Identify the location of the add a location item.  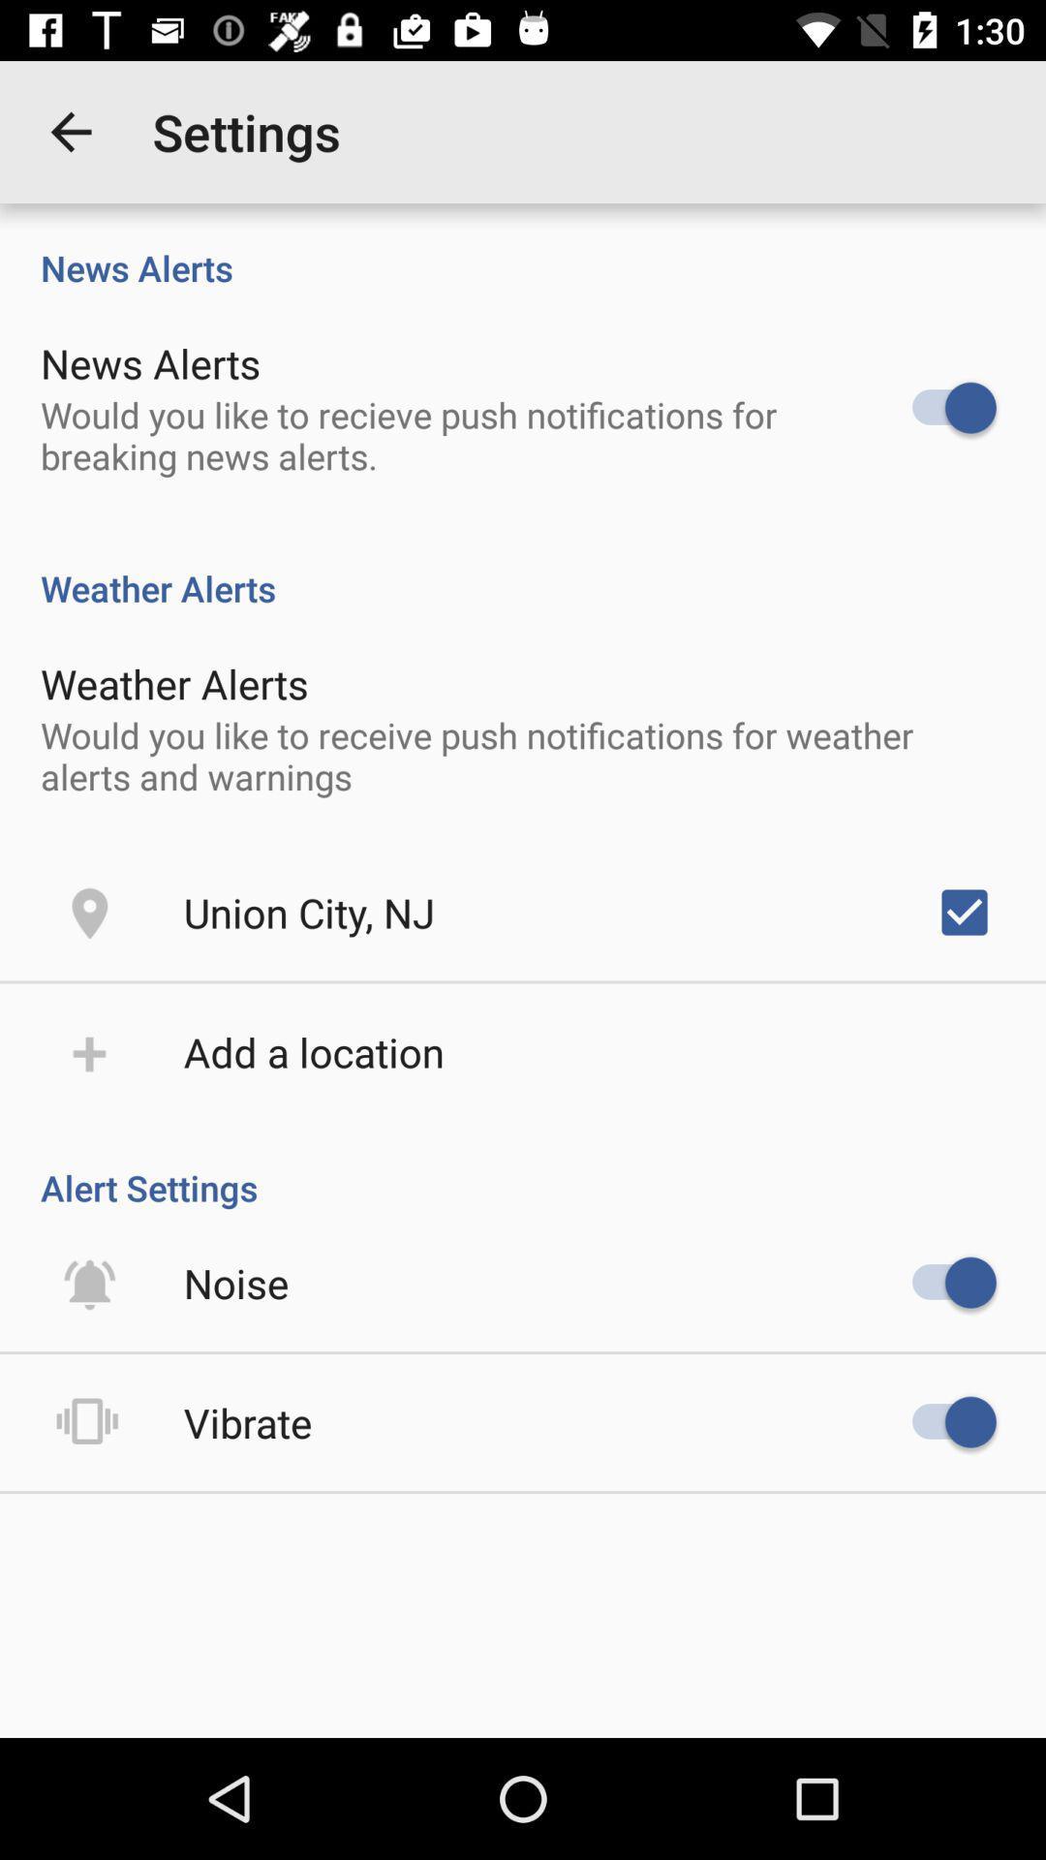
(313, 1050).